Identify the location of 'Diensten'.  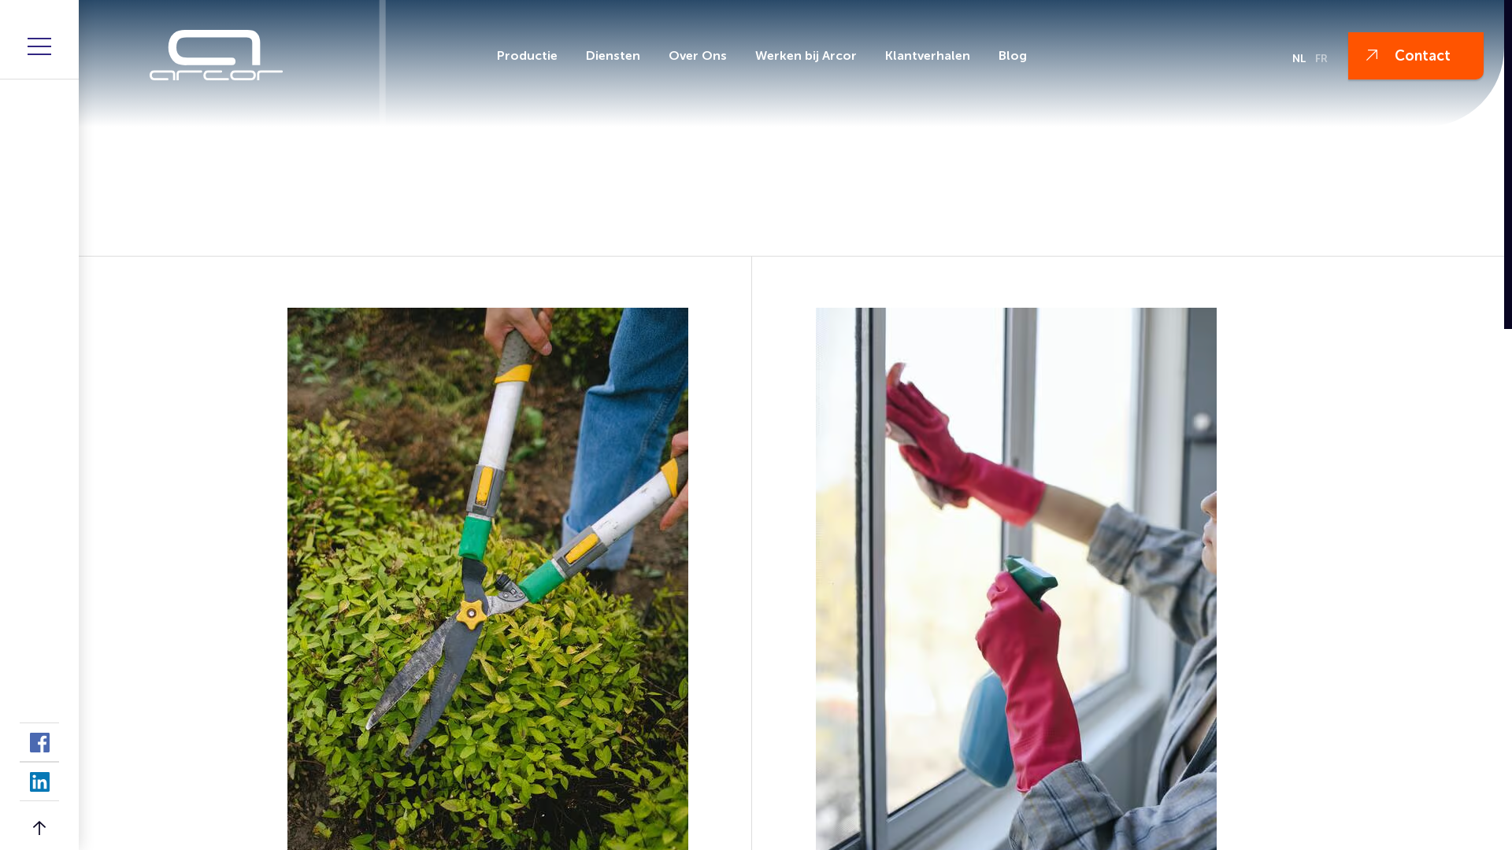
(612, 54).